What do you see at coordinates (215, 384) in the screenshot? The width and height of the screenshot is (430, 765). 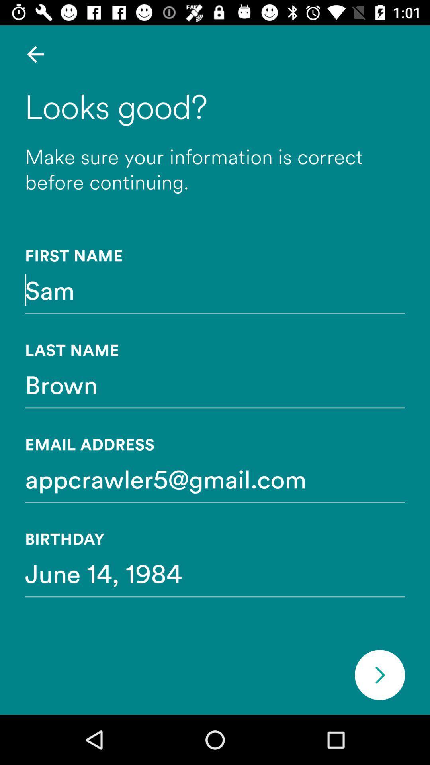 I see `brown item` at bounding box center [215, 384].